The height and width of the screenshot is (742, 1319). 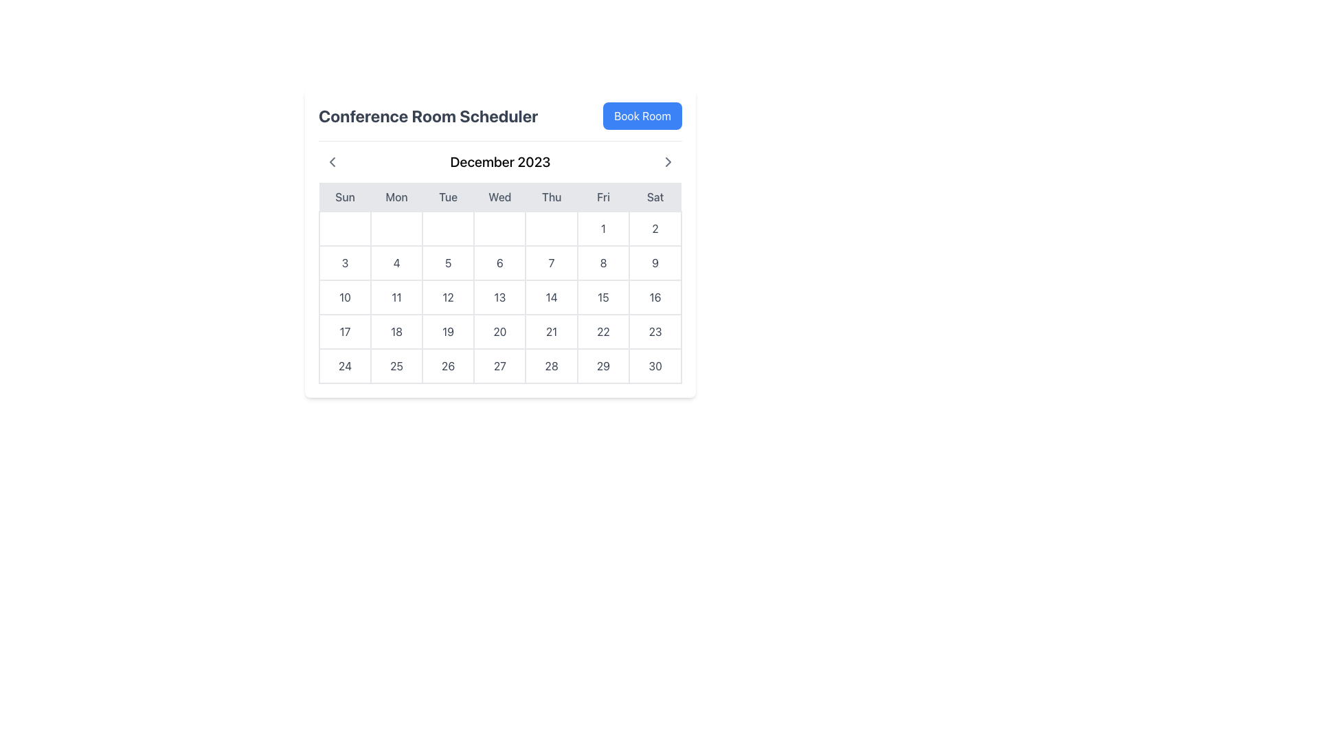 What do you see at coordinates (552, 331) in the screenshot?
I see `the date selector button for December 21st, 2023, located in the calendar grid under 'Thu'` at bounding box center [552, 331].